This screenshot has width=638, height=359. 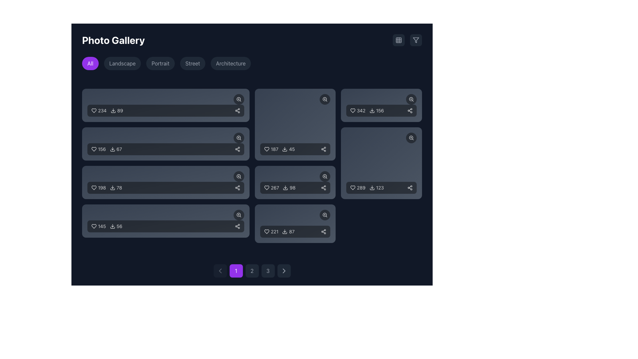 What do you see at coordinates (90, 63) in the screenshot?
I see `the pill-shaped button with a purple background and white text labeled 'All,' located in the upper-left section of the interface under 'Photo Gallery,' to observe any hover effects` at bounding box center [90, 63].